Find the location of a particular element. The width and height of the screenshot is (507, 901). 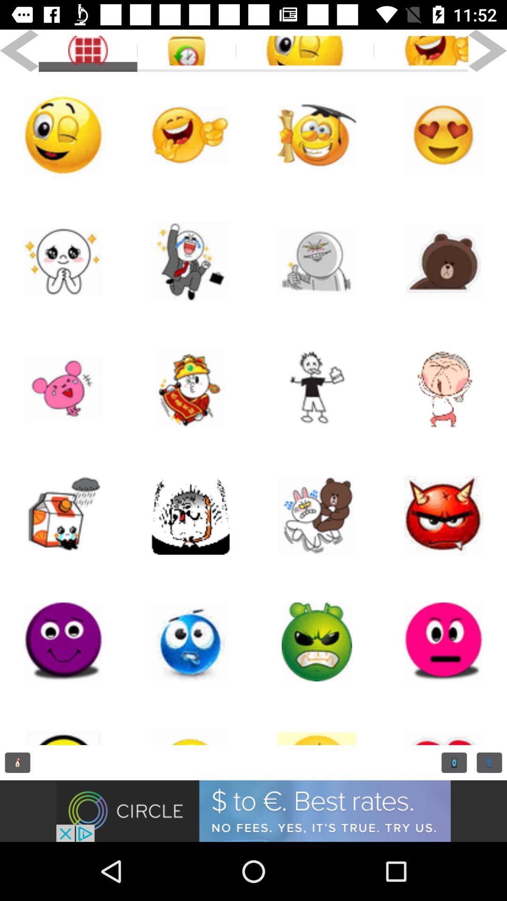

emoji is located at coordinates (63, 725).